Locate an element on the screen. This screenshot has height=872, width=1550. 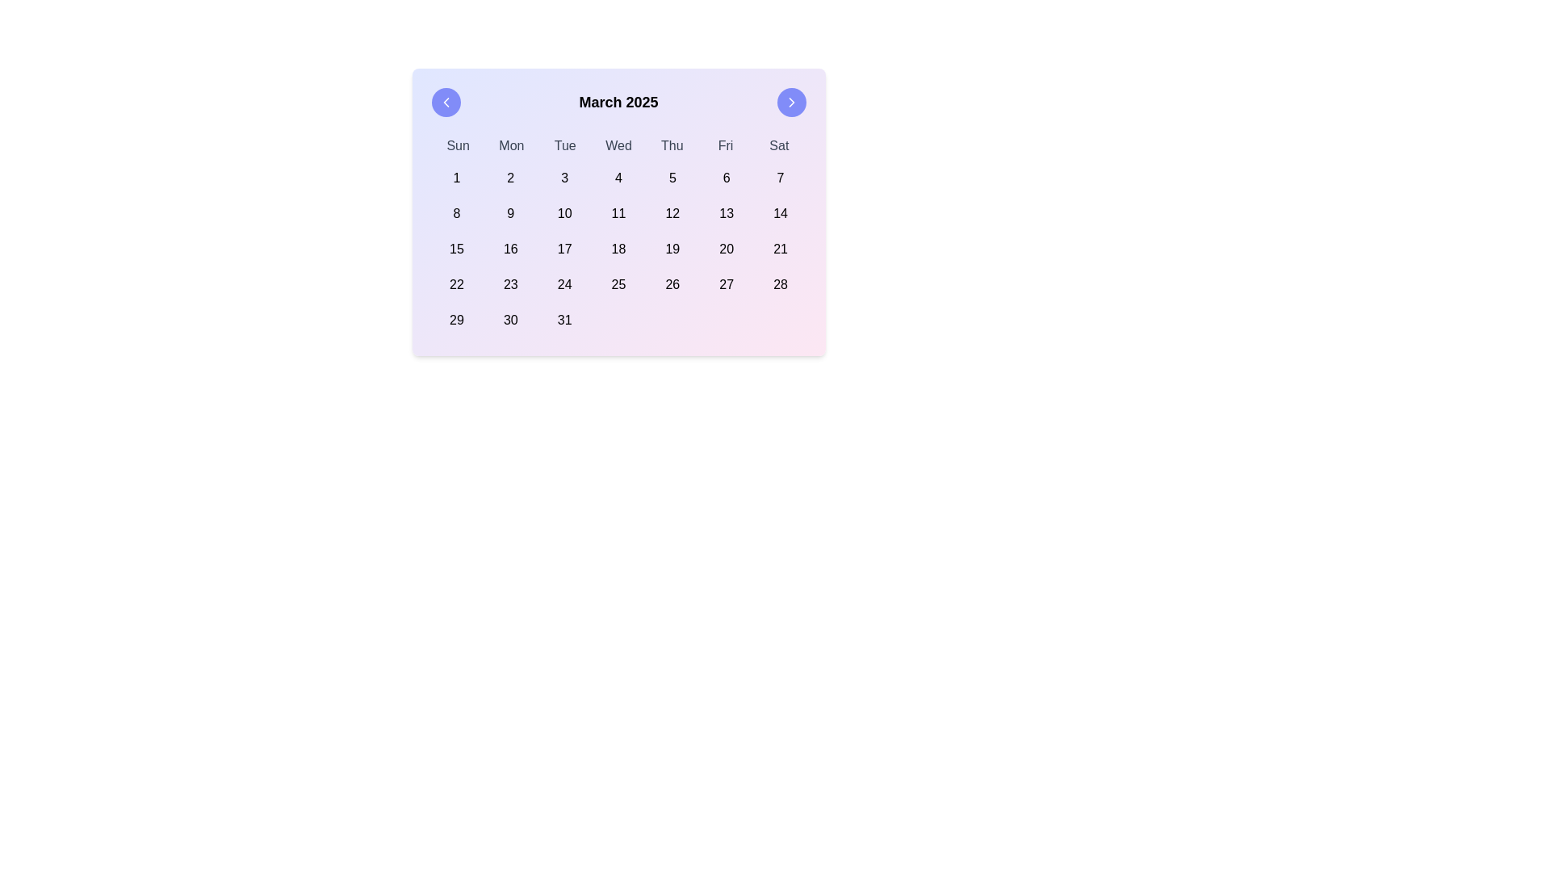
the navigation button that allows users to move to the previous month in the calendar interface is located at coordinates (446, 103).